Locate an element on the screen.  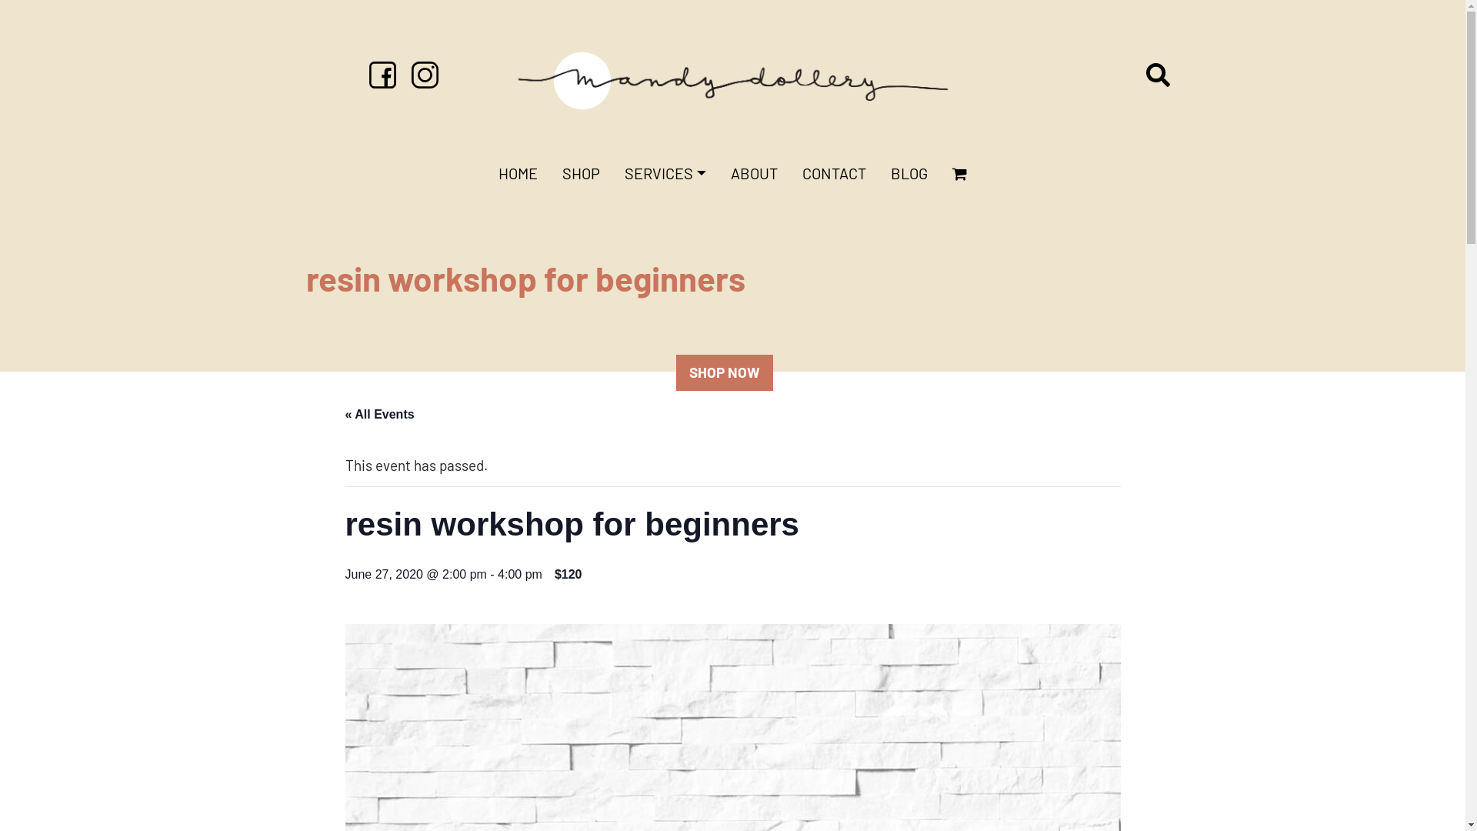
'SHOP' is located at coordinates (580, 172).